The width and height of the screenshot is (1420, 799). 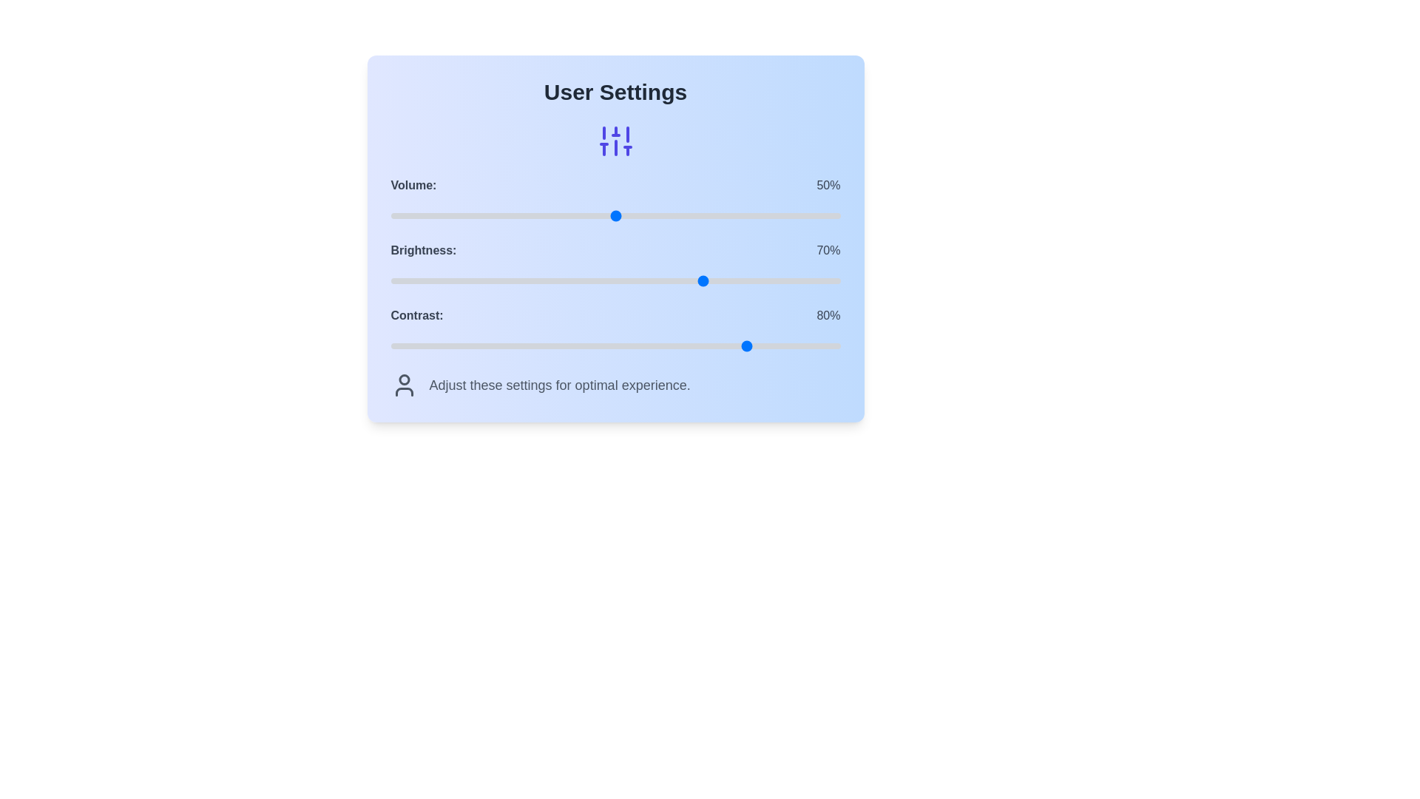 What do you see at coordinates (686, 281) in the screenshot?
I see `brightness` at bounding box center [686, 281].